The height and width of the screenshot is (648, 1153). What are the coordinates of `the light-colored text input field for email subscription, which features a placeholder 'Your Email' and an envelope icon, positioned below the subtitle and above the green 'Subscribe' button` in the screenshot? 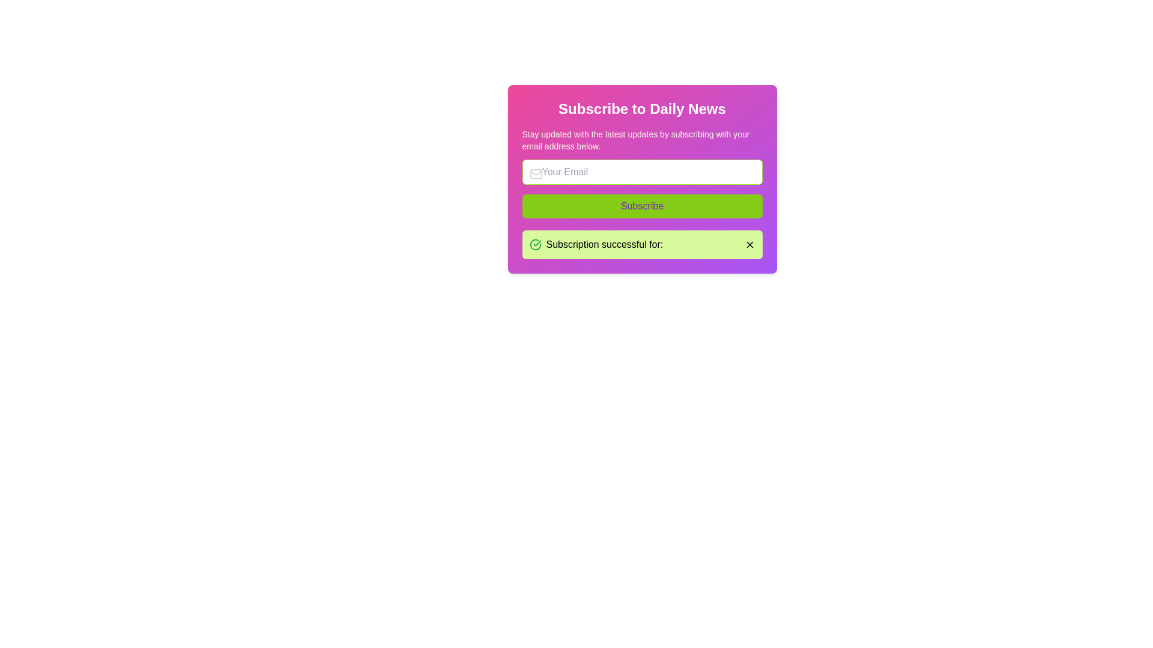 It's located at (641, 179).